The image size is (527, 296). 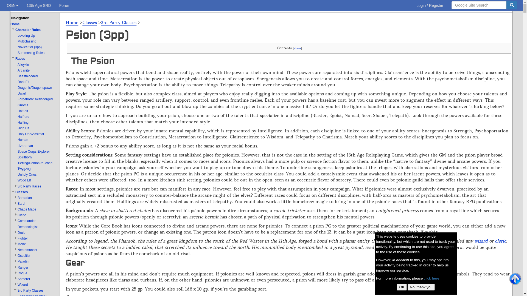 I want to click on 'show', so click(x=297, y=48).